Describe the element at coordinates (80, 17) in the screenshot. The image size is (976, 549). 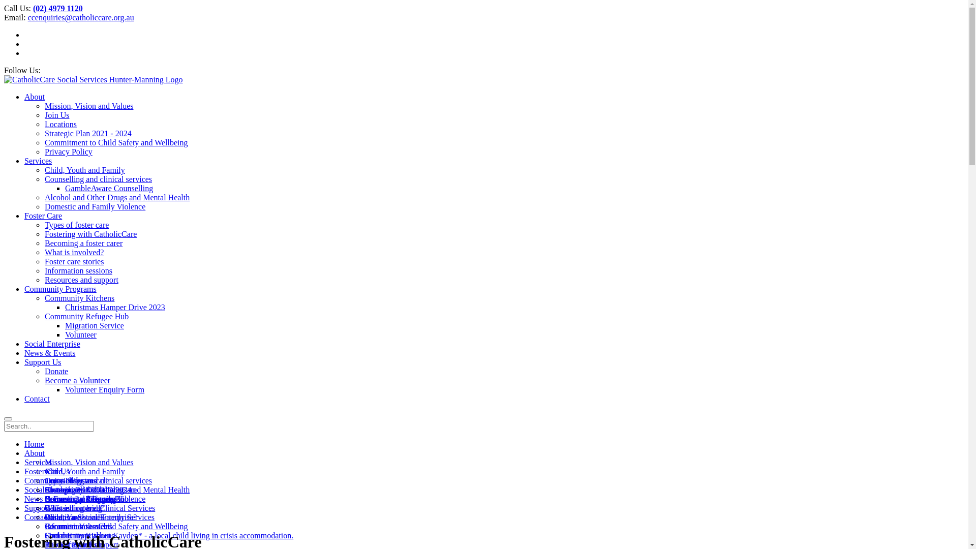
I see `'ccenquiries@catholiccare.org.au'` at that location.